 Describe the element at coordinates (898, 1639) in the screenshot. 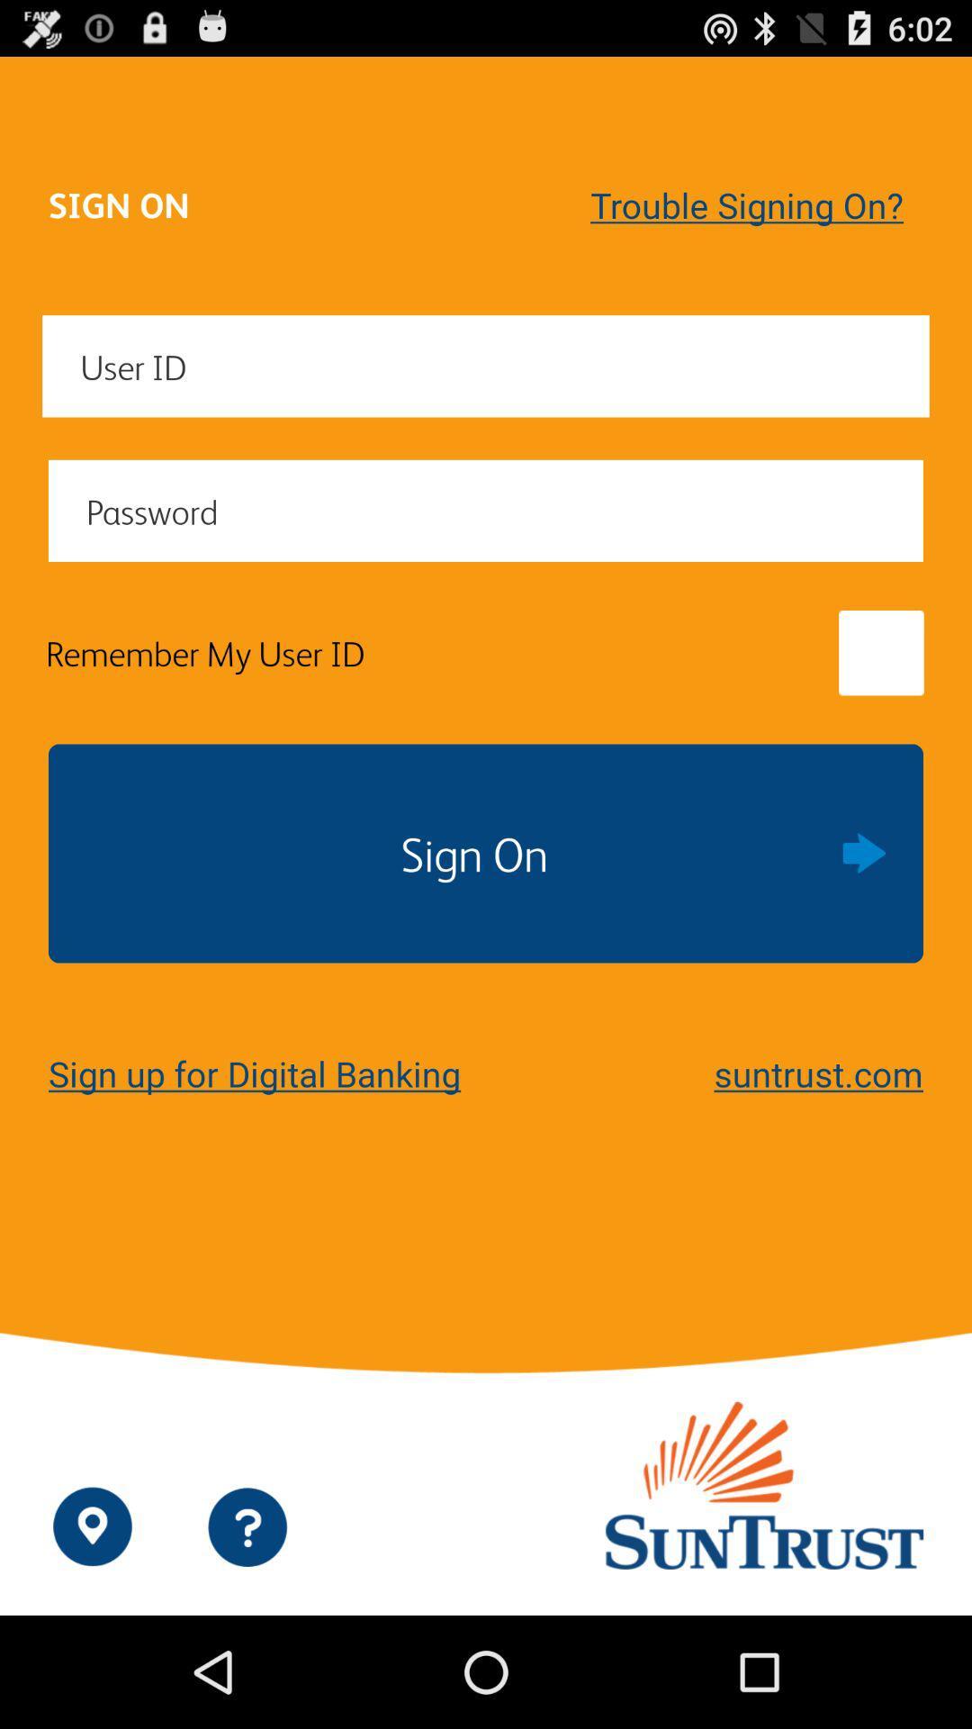

I see `the flight icon` at that location.